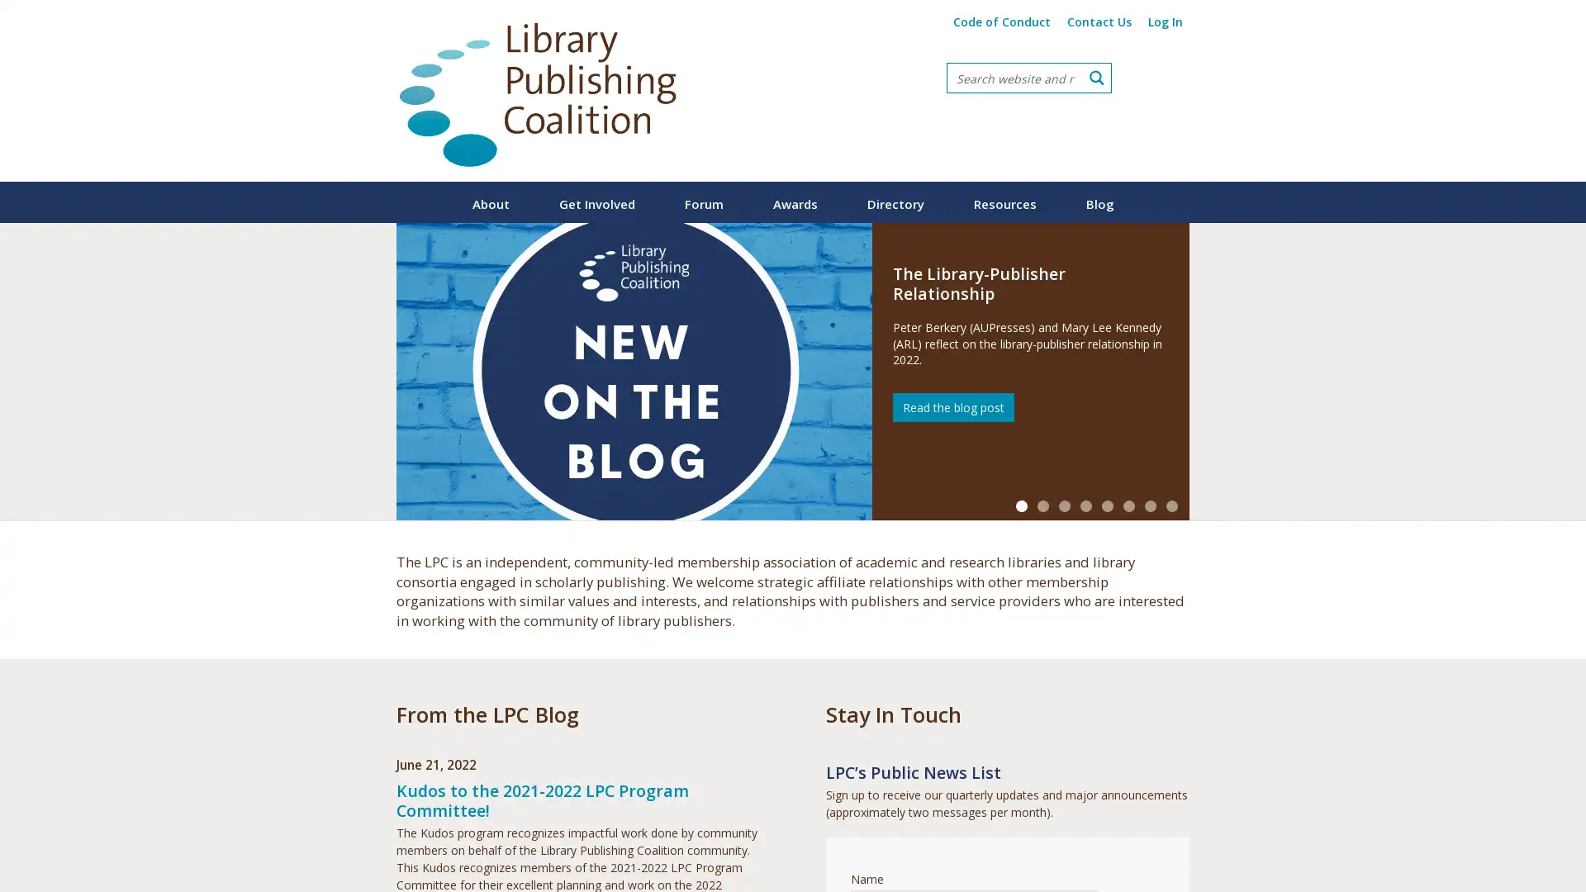 The image size is (1586, 892). What do you see at coordinates (1107, 505) in the screenshot?
I see `Go to slide 5` at bounding box center [1107, 505].